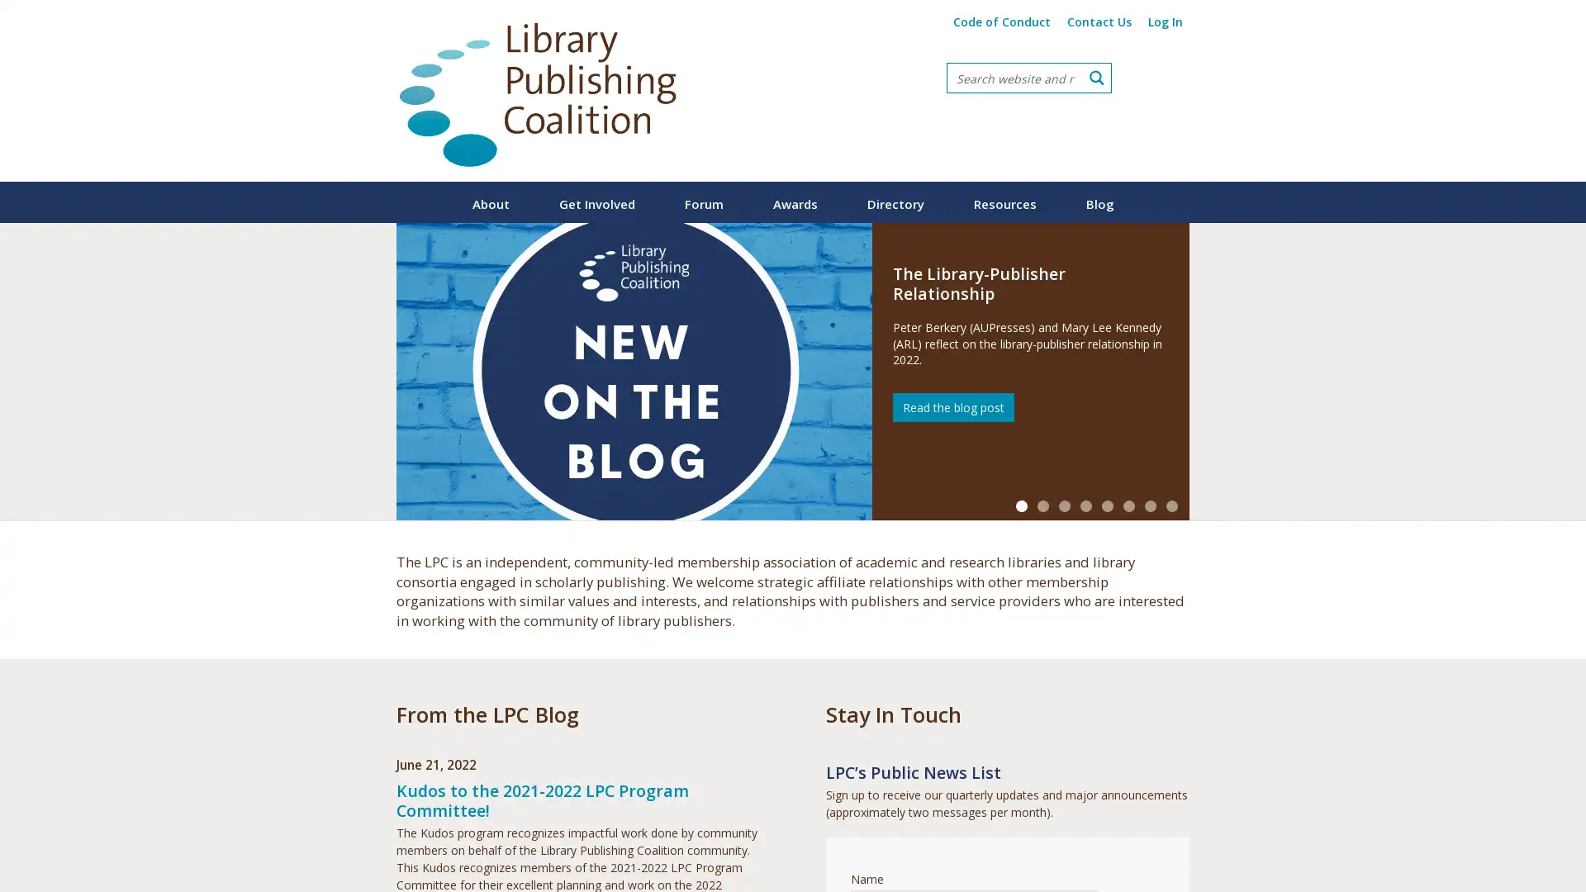 The image size is (1586, 892). What do you see at coordinates (1107, 505) in the screenshot?
I see `Go to slide 5` at bounding box center [1107, 505].